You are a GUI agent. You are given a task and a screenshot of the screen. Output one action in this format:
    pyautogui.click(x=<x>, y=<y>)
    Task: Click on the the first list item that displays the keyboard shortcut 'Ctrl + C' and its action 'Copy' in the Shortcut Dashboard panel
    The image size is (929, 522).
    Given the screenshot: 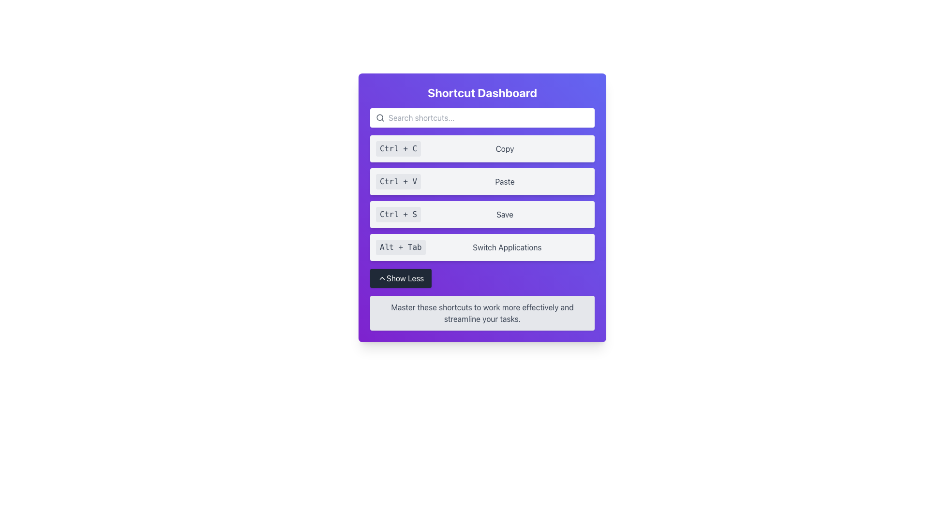 What is the action you would take?
    pyautogui.click(x=482, y=149)
    